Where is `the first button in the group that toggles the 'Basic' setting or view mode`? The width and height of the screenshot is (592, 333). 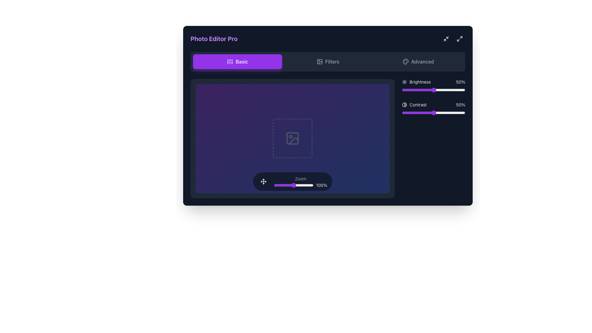 the first button in the group that toggles the 'Basic' setting or view mode is located at coordinates (237, 62).